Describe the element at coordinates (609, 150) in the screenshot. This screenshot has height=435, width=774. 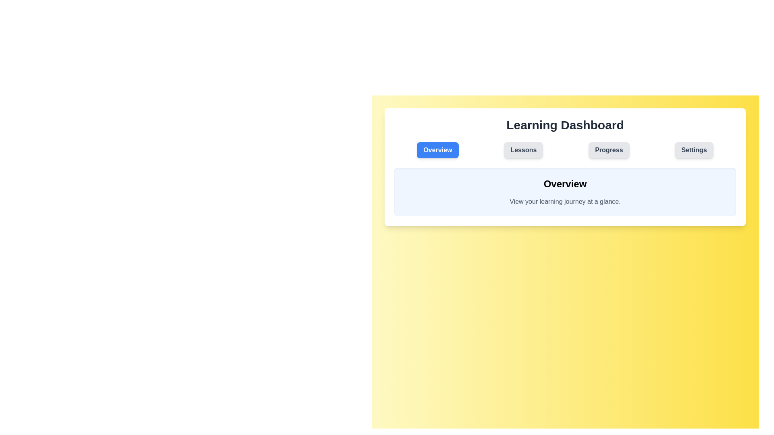
I see `the Progress tab to view its content` at that location.